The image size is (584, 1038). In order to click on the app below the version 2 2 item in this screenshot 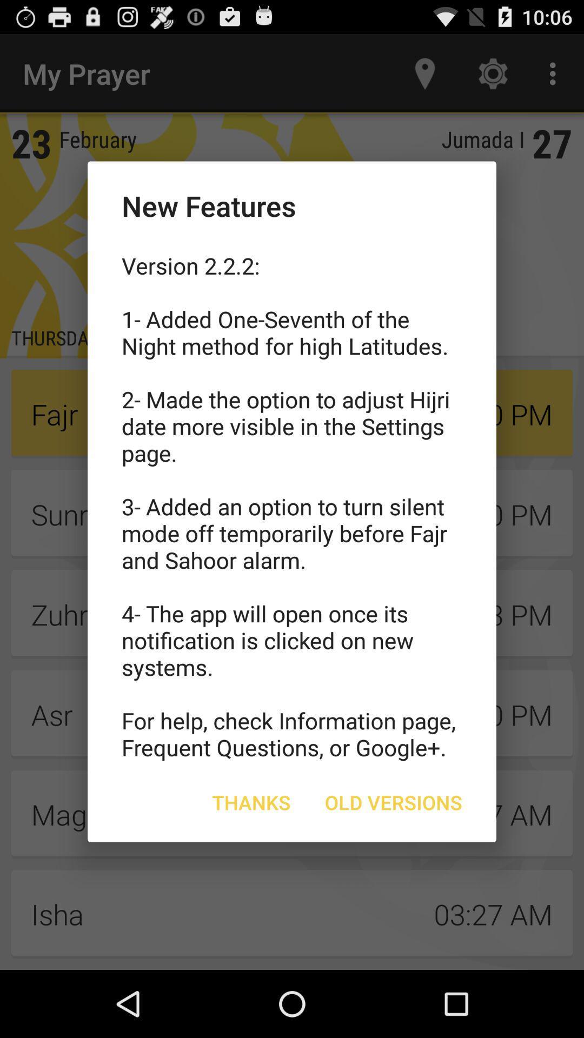, I will do `click(393, 802)`.